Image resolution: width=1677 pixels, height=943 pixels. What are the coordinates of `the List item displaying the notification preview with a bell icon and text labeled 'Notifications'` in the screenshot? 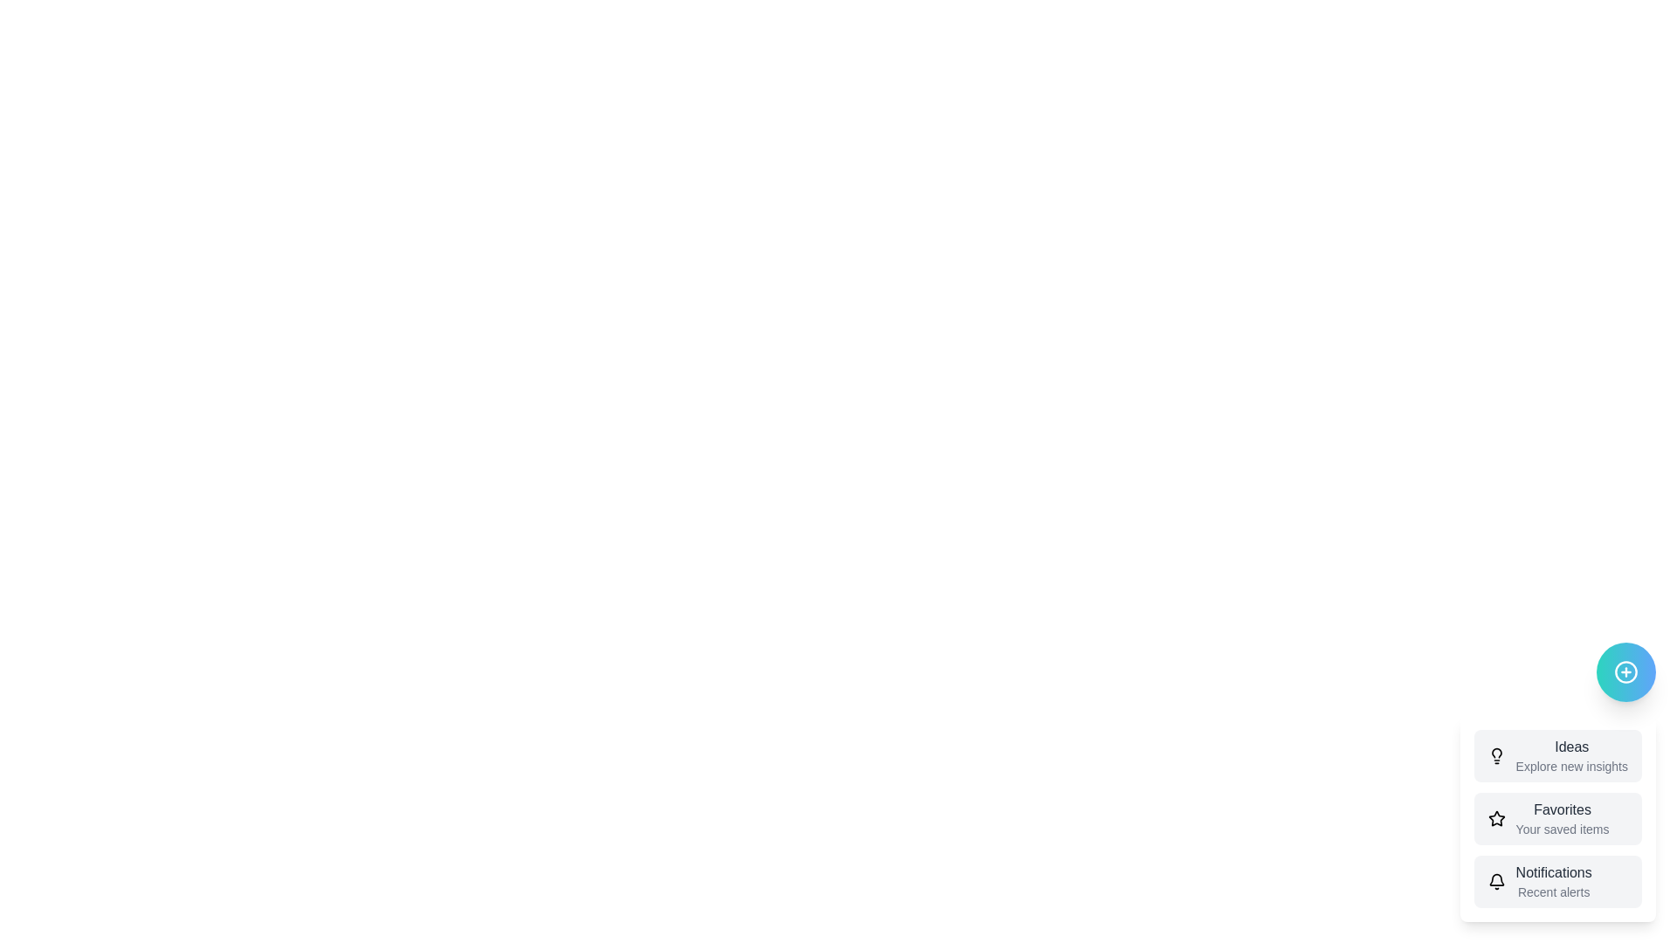 It's located at (1557, 882).